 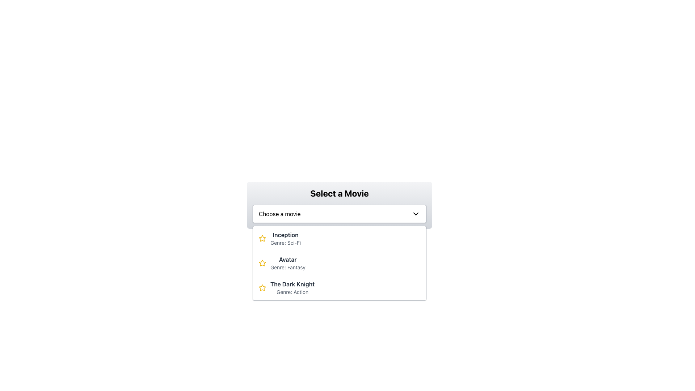 I want to click on the dropdown list item displaying the movie title 'Inception', so click(x=339, y=239).